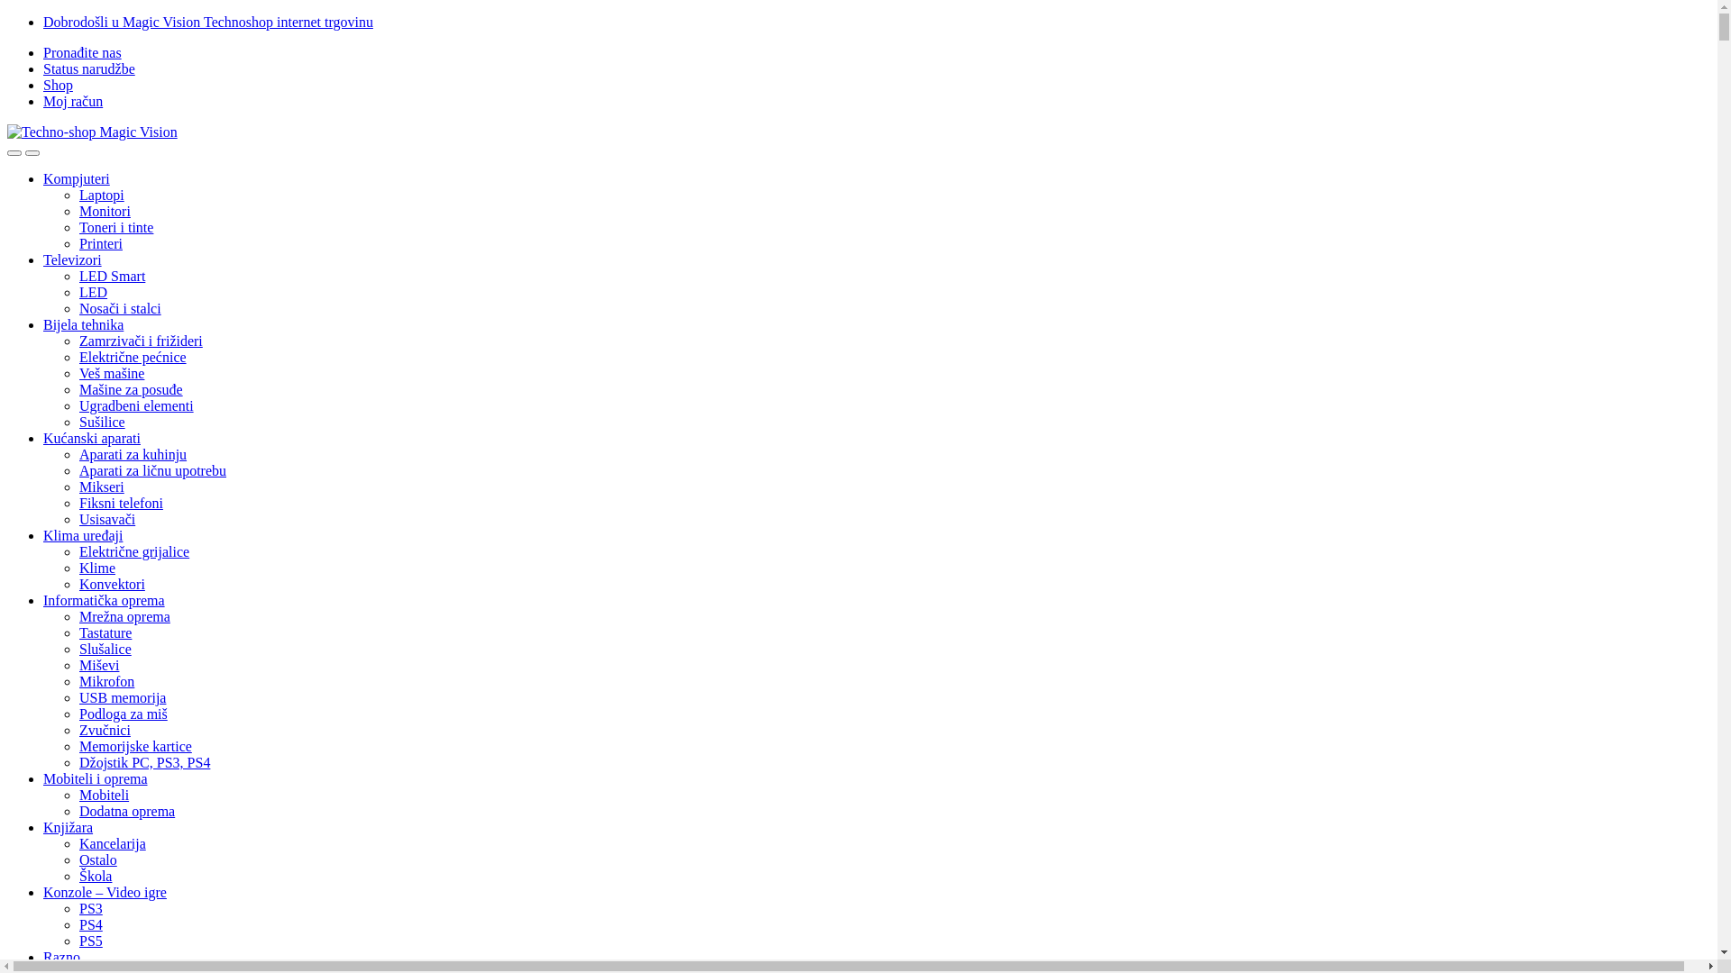 The width and height of the screenshot is (1731, 973). Describe the element at coordinates (135, 405) in the screenshot. I see `'Ugradbeni elementi'` at that location.